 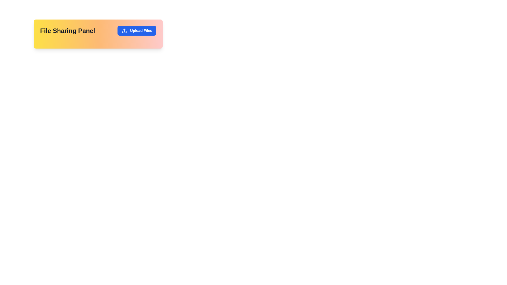 What do you see at coordinates (124, 31) in the screenshot?
I see `the upload icon located in the top-right corner of the interface, which is part of a button that opens a file upload interface` at bounding box center [124, 31].